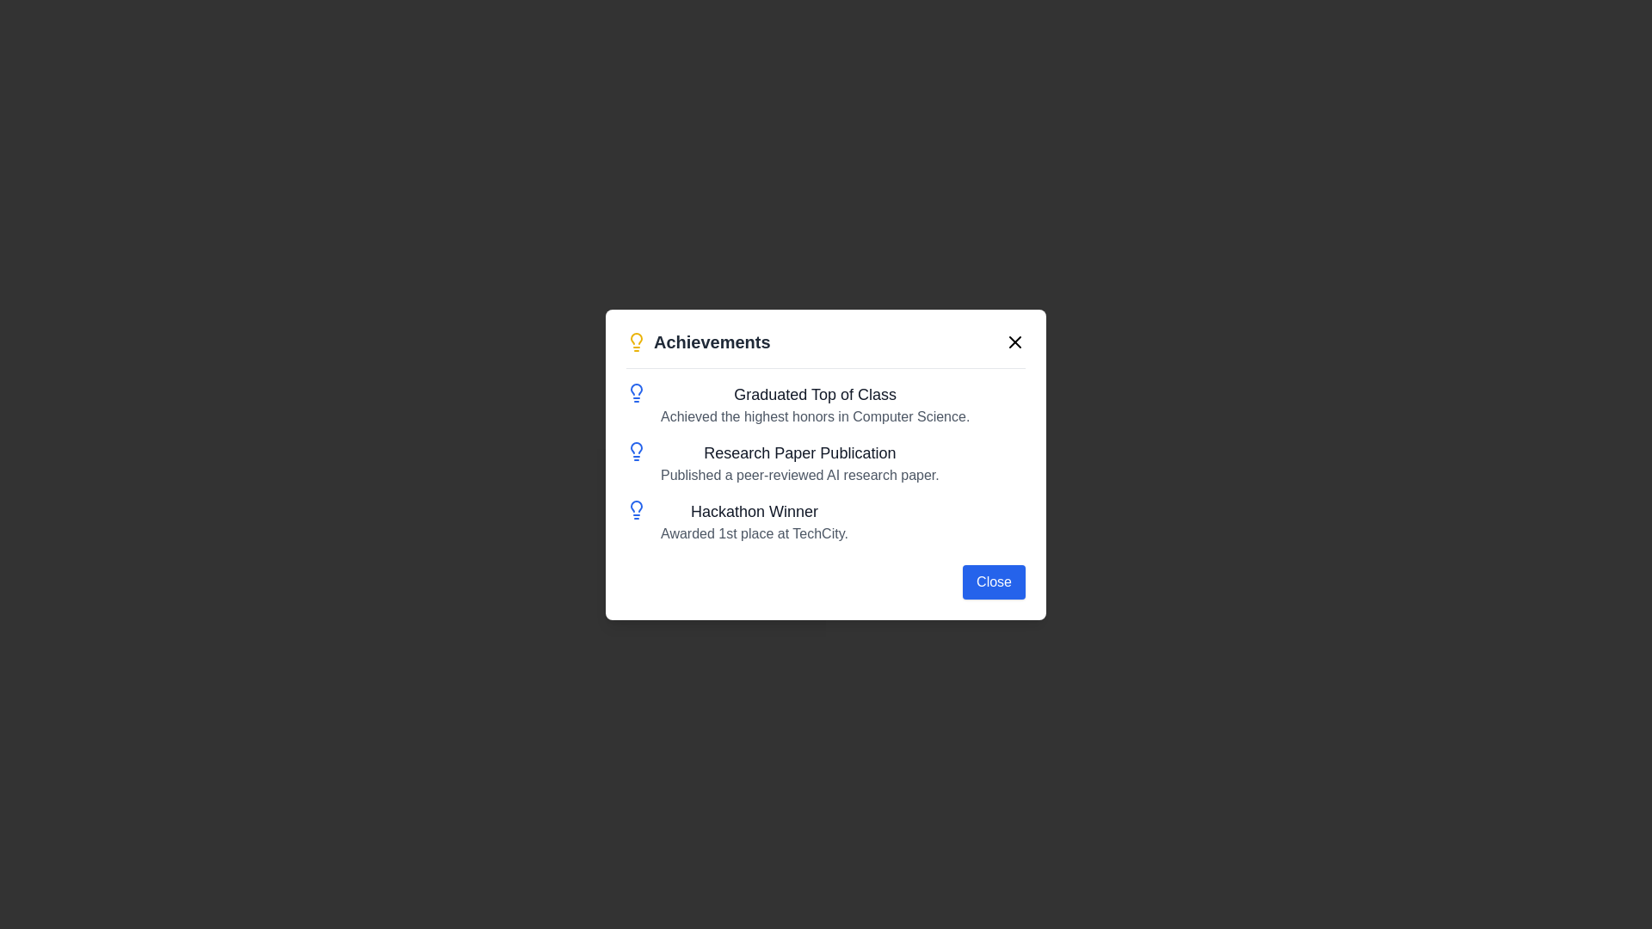 The height and width of the screenshot is (929, 1652). Describe the element at coordinates (698, 341) in the screenshot. I see `the Header with an icon that indicates achievements, located at the top-left corner of the section within a centered modal window` at that location.